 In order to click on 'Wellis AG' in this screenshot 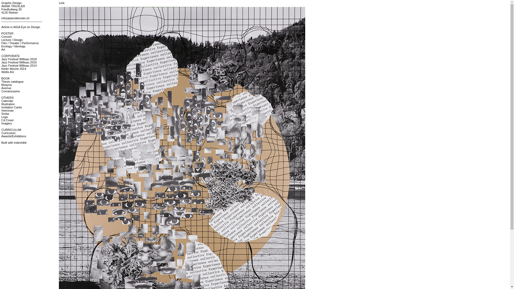, I will do `click(7, 72)`.